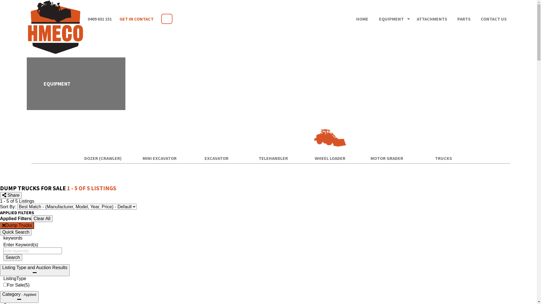 The width and height of the screenshot is (541, 304). Describe the element at coordinates (0, 232) in the screenshot. I see `'Quick Search'` at that location.